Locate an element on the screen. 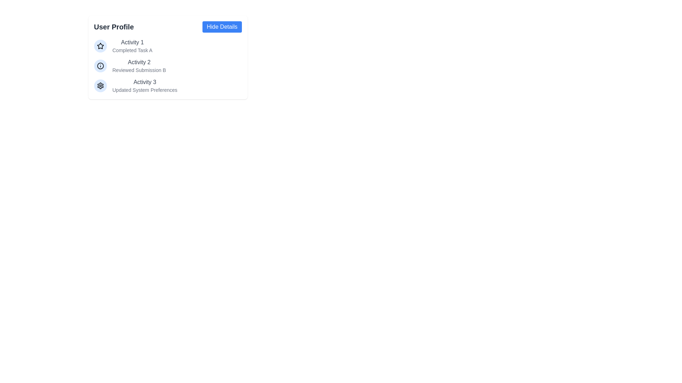 The height and width of the screenshot is (383, 682). the static text label providing additional information about 'Activity 1' located under the 'Activity 1' label is located at coordinates (132, 50).